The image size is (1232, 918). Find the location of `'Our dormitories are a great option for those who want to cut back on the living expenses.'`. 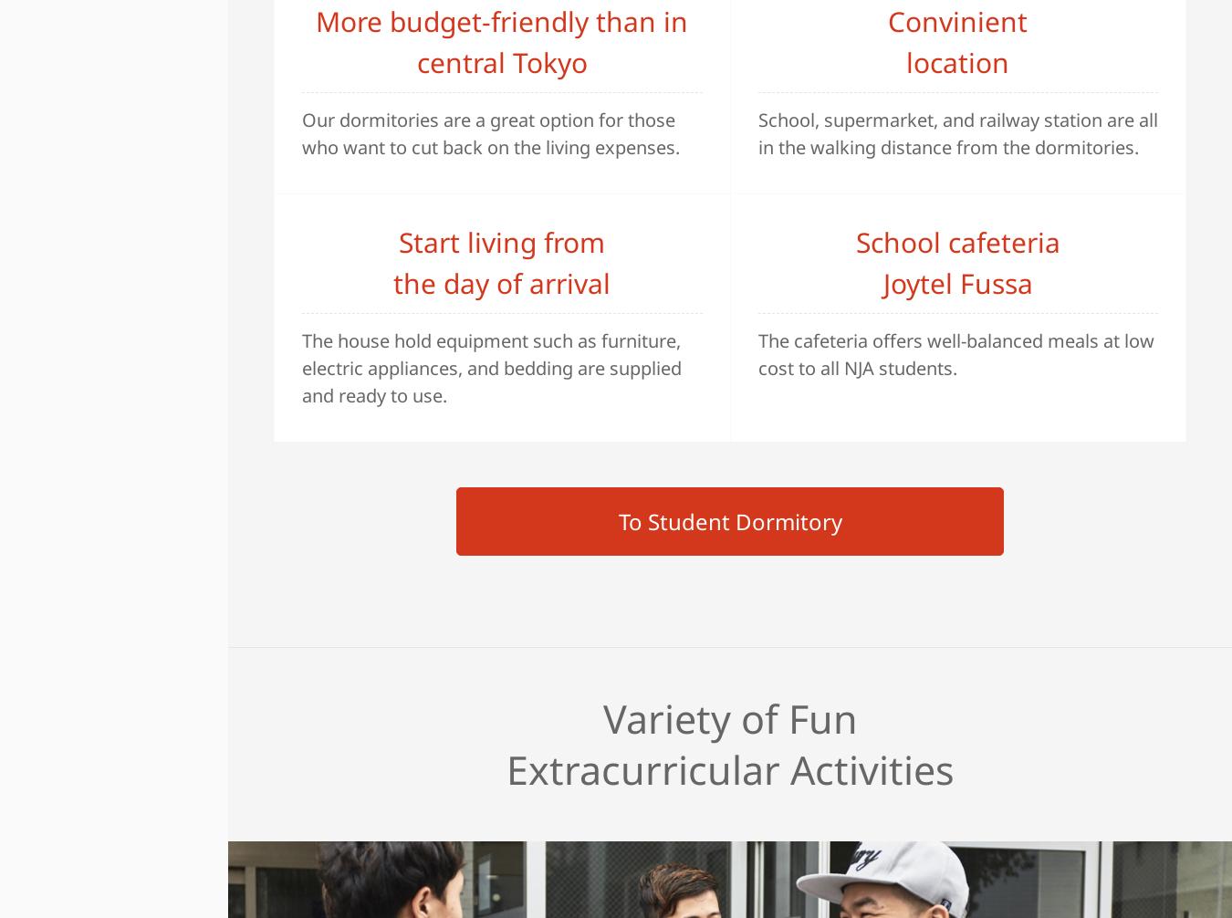

'Our dormitories are a great option for those who want to cut back on the living expenses.' is located at coordinates (301, 132).